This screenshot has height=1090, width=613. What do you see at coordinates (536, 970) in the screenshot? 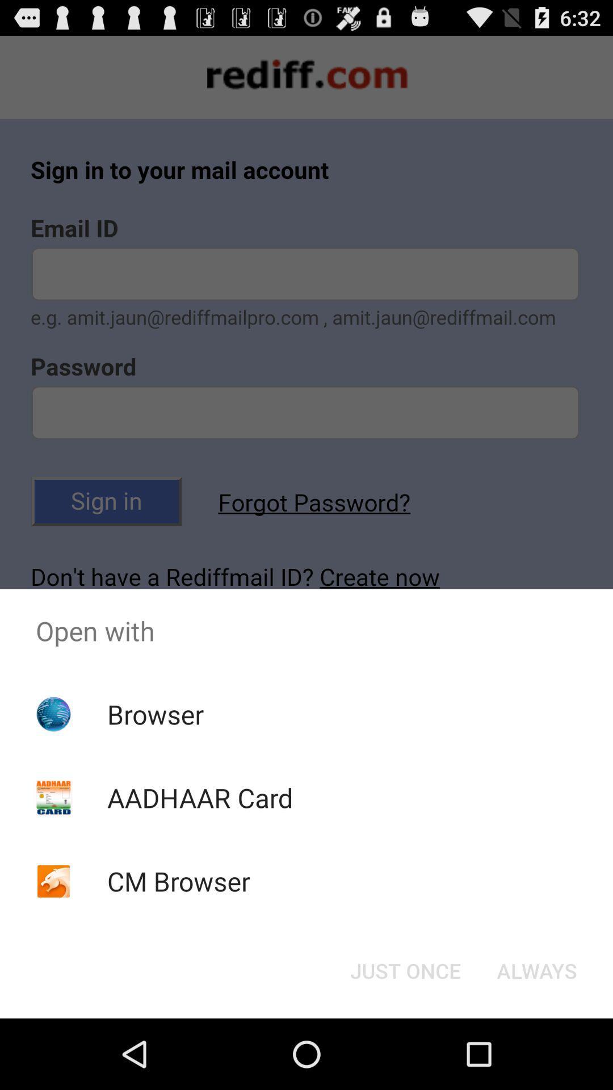
I see `the icon to the right of just once item` at bounding box center [536, 970].